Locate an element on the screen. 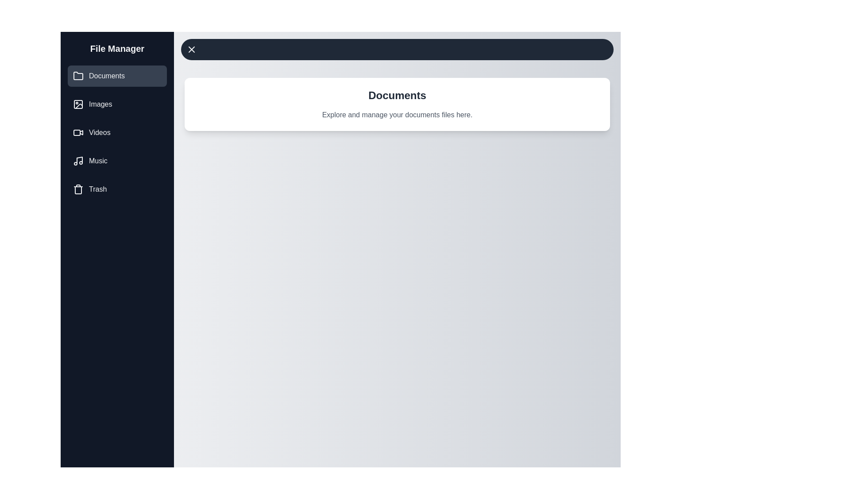  the category Trash from the drawer is located at coordinates (116, 189).